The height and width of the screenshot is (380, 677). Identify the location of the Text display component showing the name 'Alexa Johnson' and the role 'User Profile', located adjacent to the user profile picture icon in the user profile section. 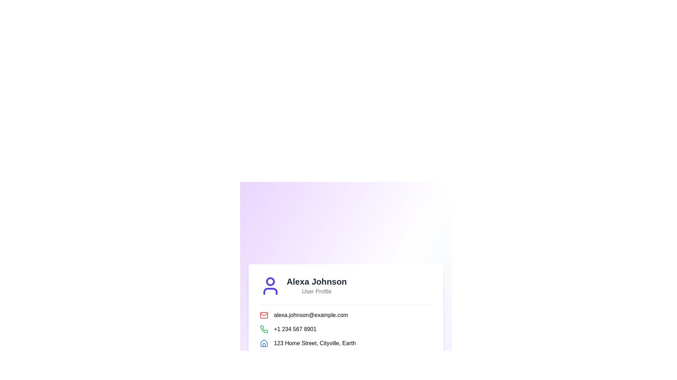
(316, 286).